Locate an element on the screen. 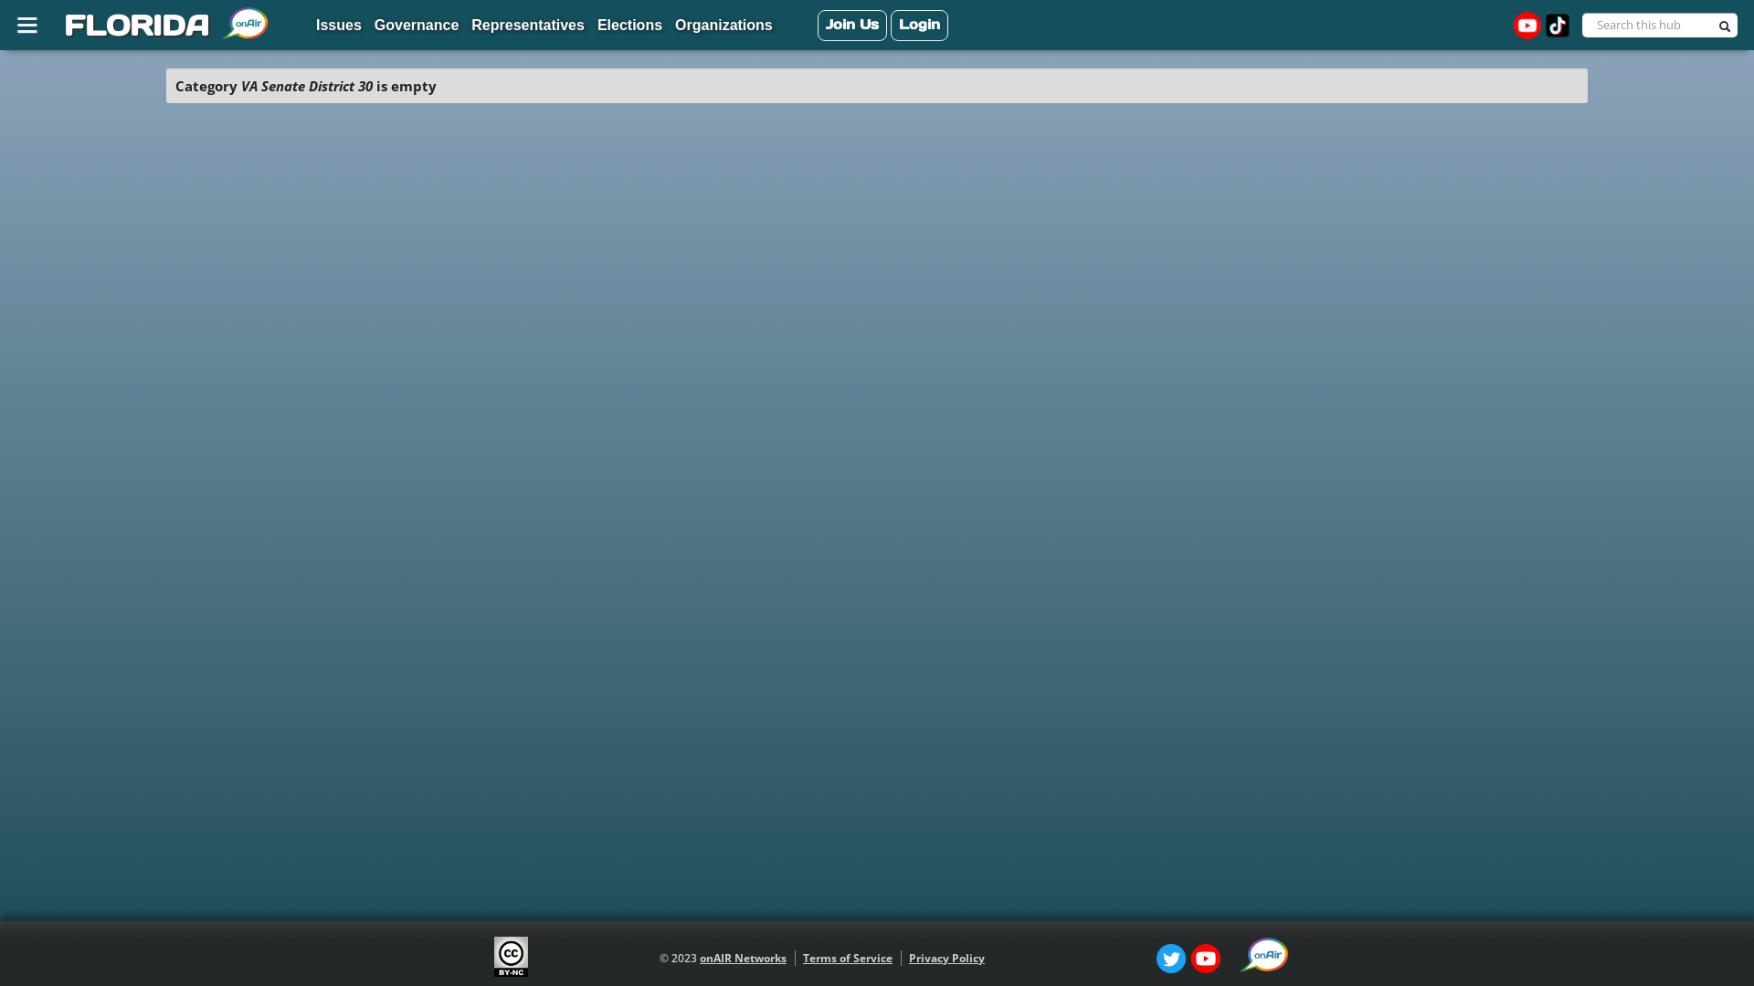  'Login' is located at coordinates (919, 25).